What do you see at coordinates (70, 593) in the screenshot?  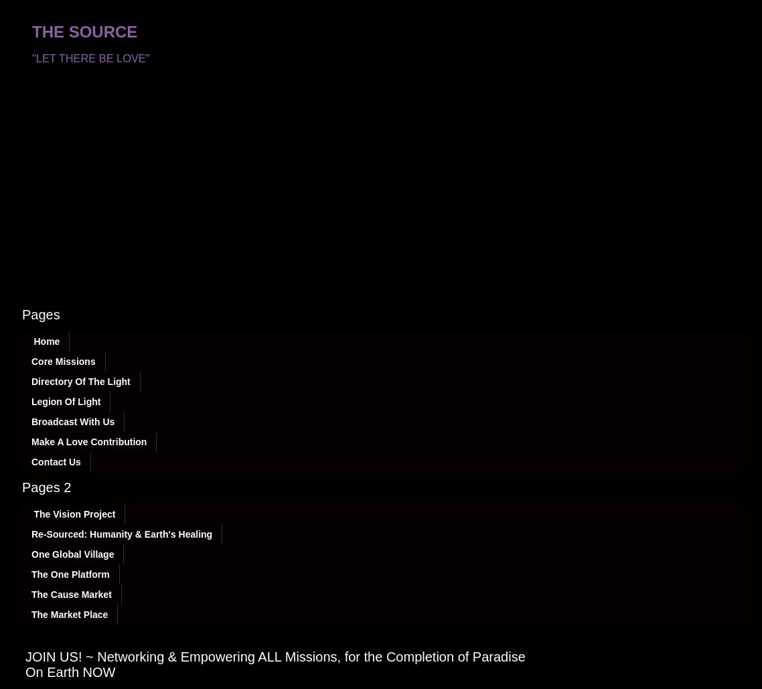 I see `'The Cause Market'` at bounding box center [70, 593].